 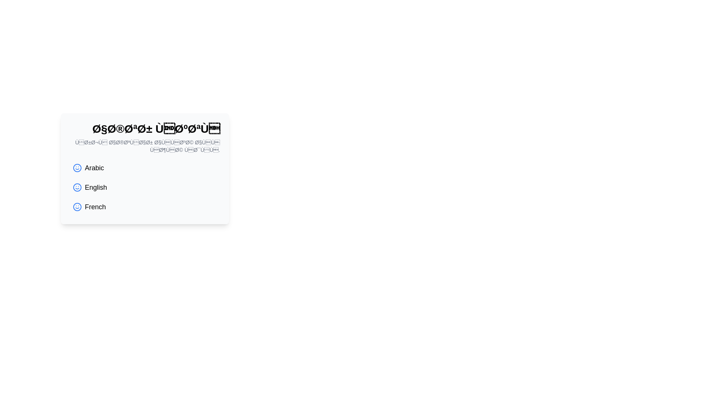 I want to click on the Smiley Face Outline icon, which is a circular shape with a blue stroke, located to the left of the 'French' label in the third row of options, so click(x=77, y=207).